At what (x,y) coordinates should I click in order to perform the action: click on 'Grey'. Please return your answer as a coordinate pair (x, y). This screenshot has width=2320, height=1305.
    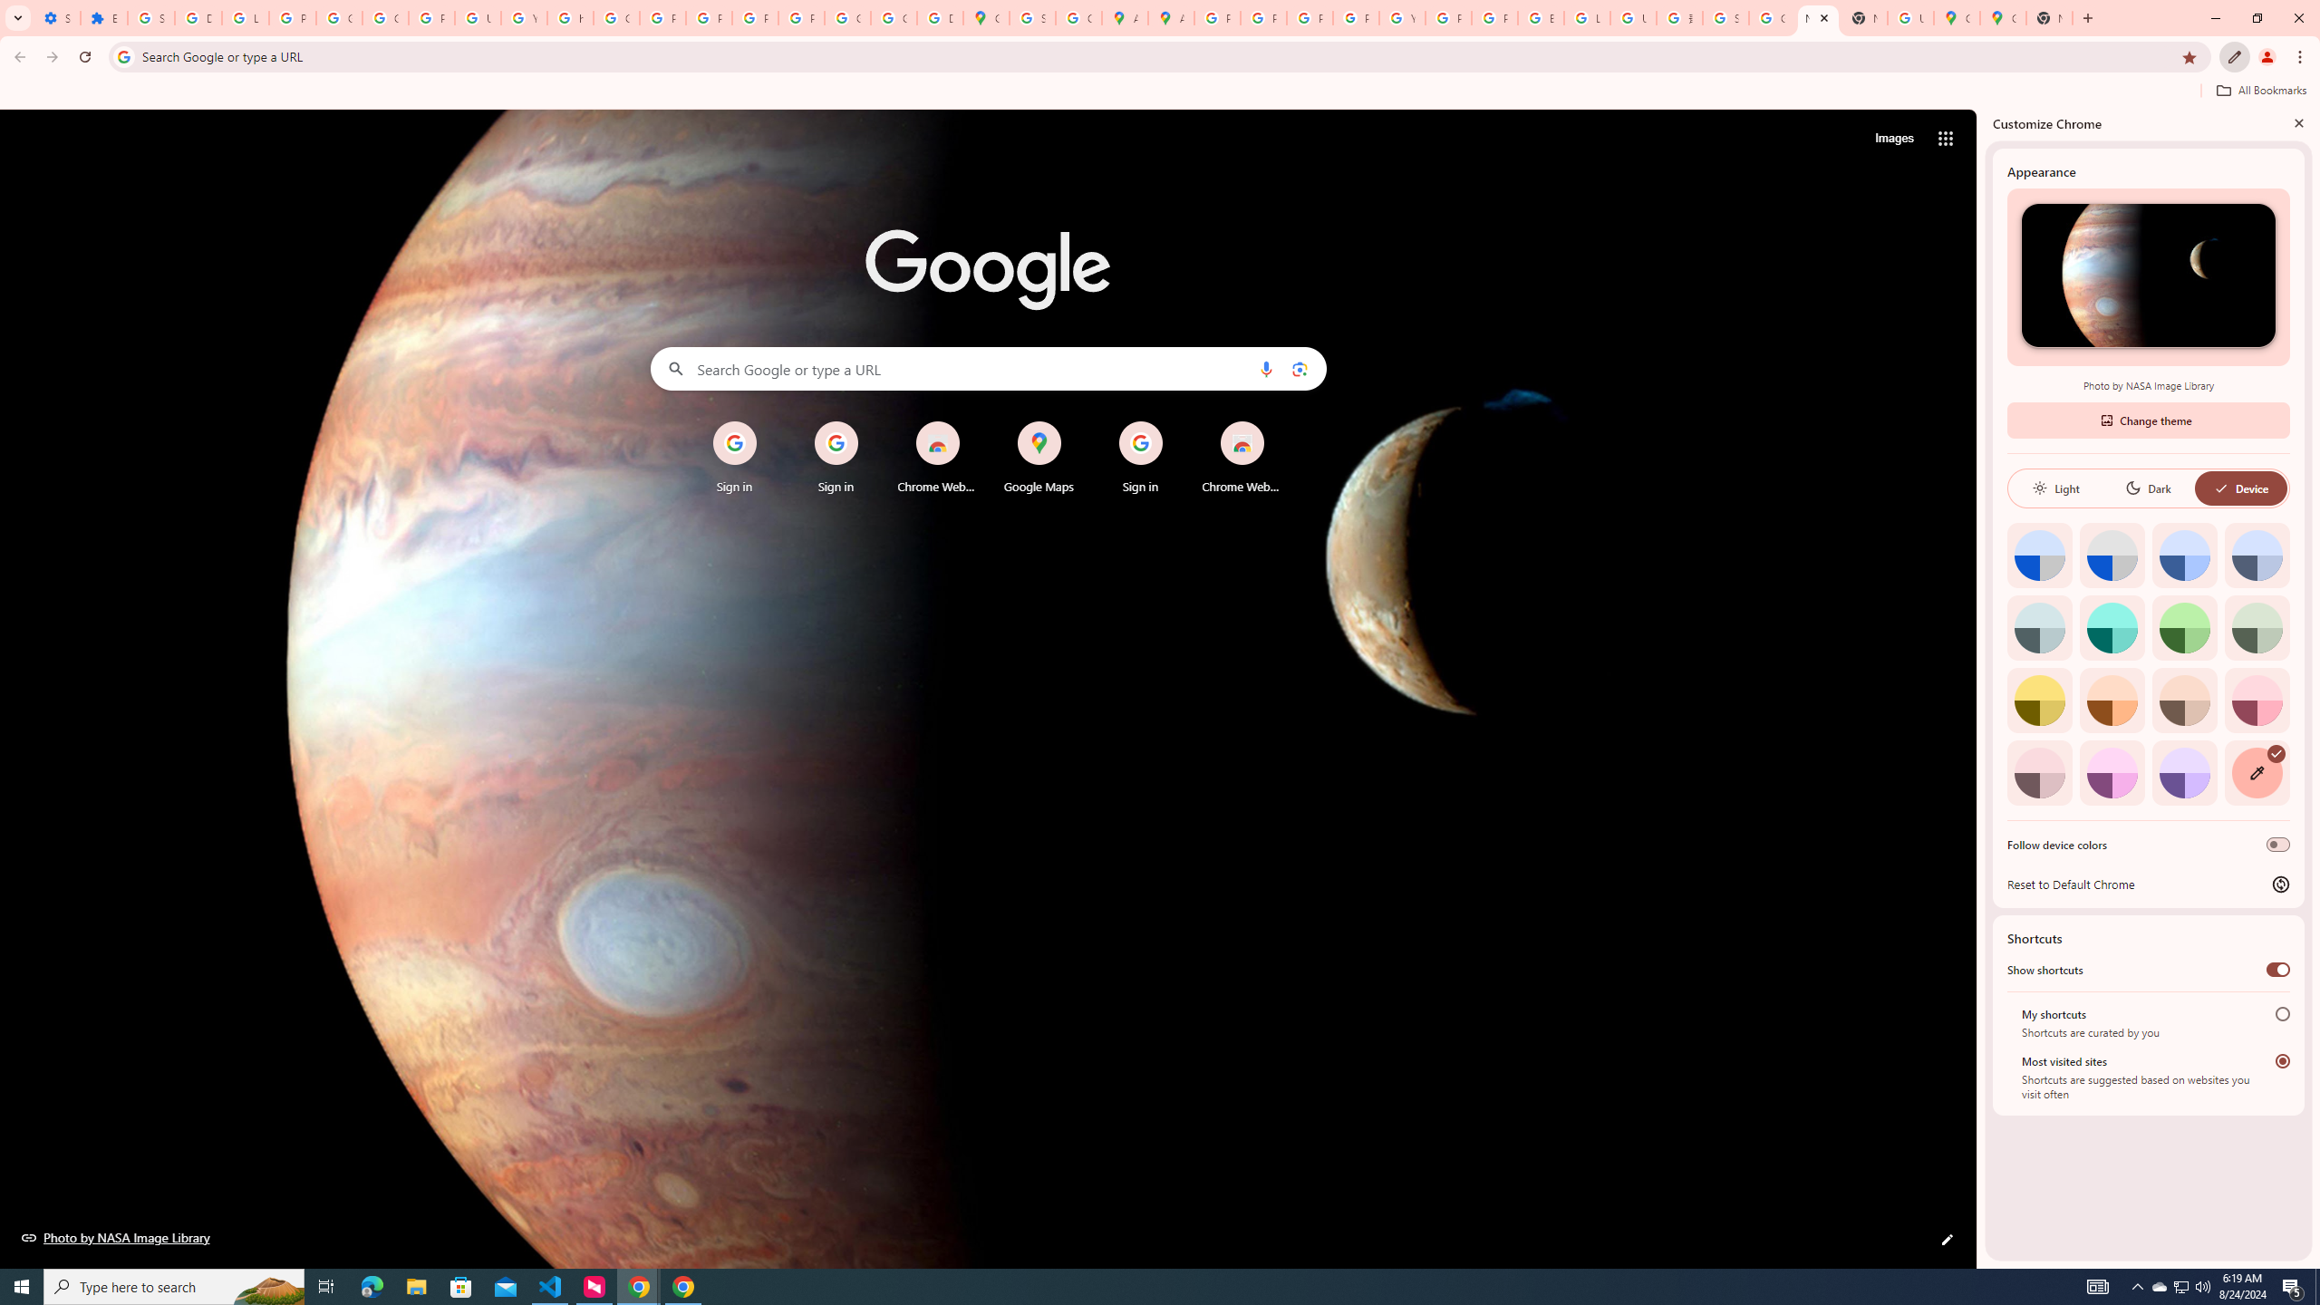
    Looking at the image, I should click on (2039, 627).